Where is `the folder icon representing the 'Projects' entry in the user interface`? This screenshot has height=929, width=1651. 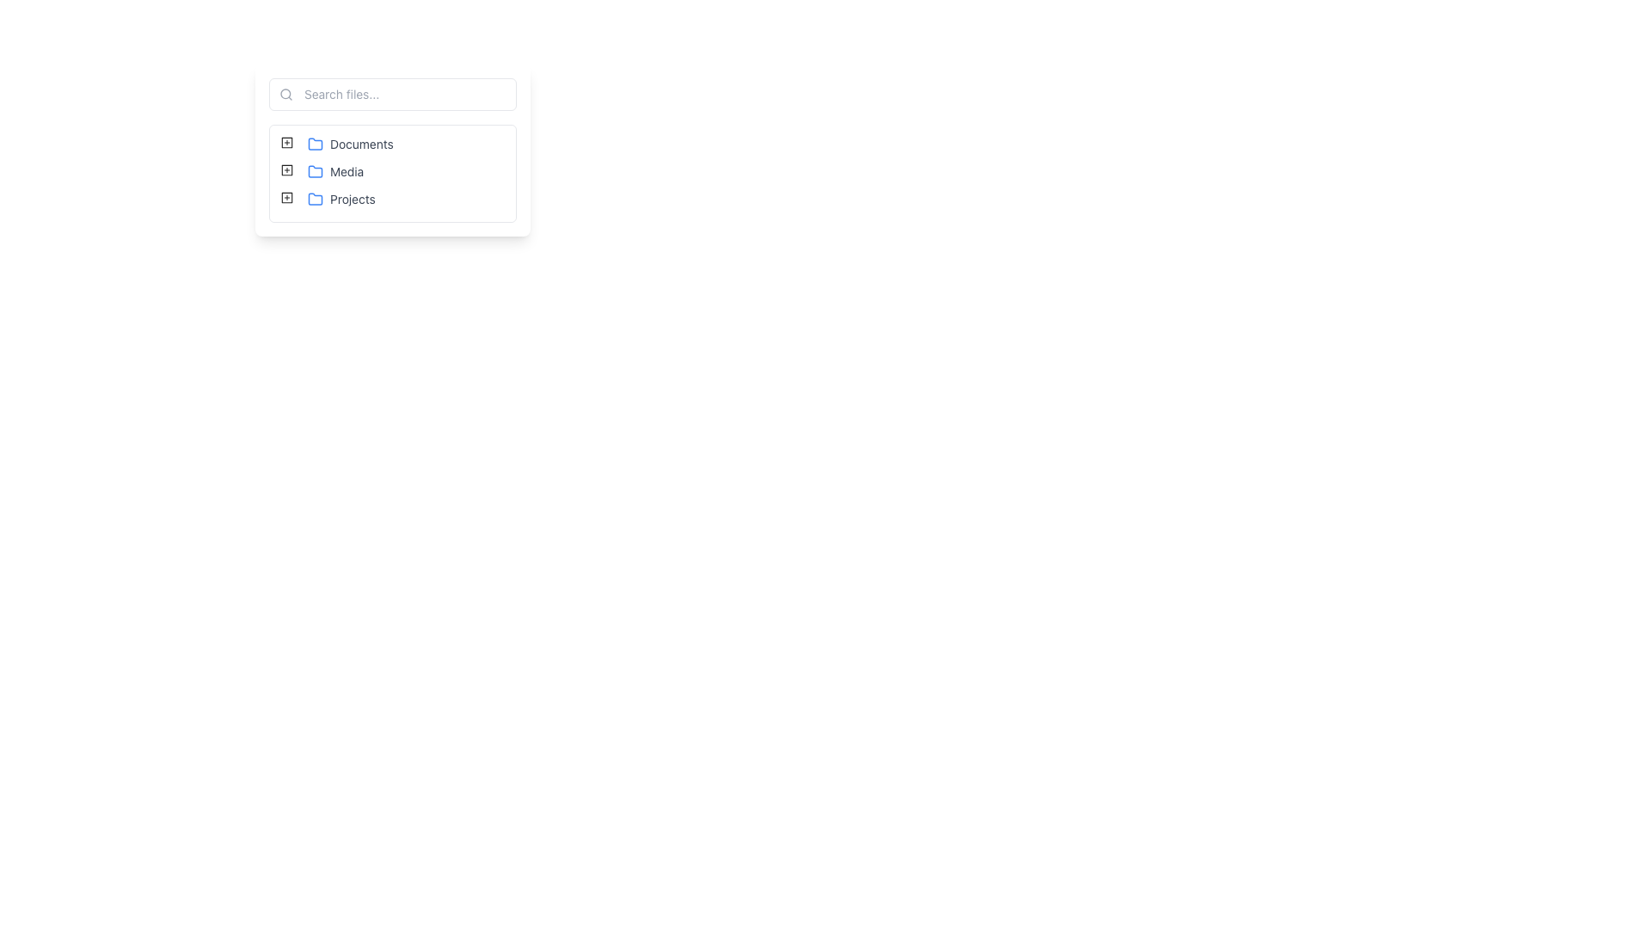 the folder icon representing the 'Projects' entry in the user interface is located at coordinates (315, 198).